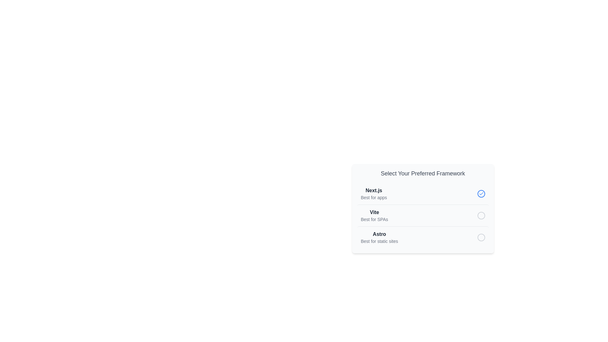 The width and height of the screenshot is (608, 342). I want to click on the second selectable list item labeled 'Vite', so click(423, 215).